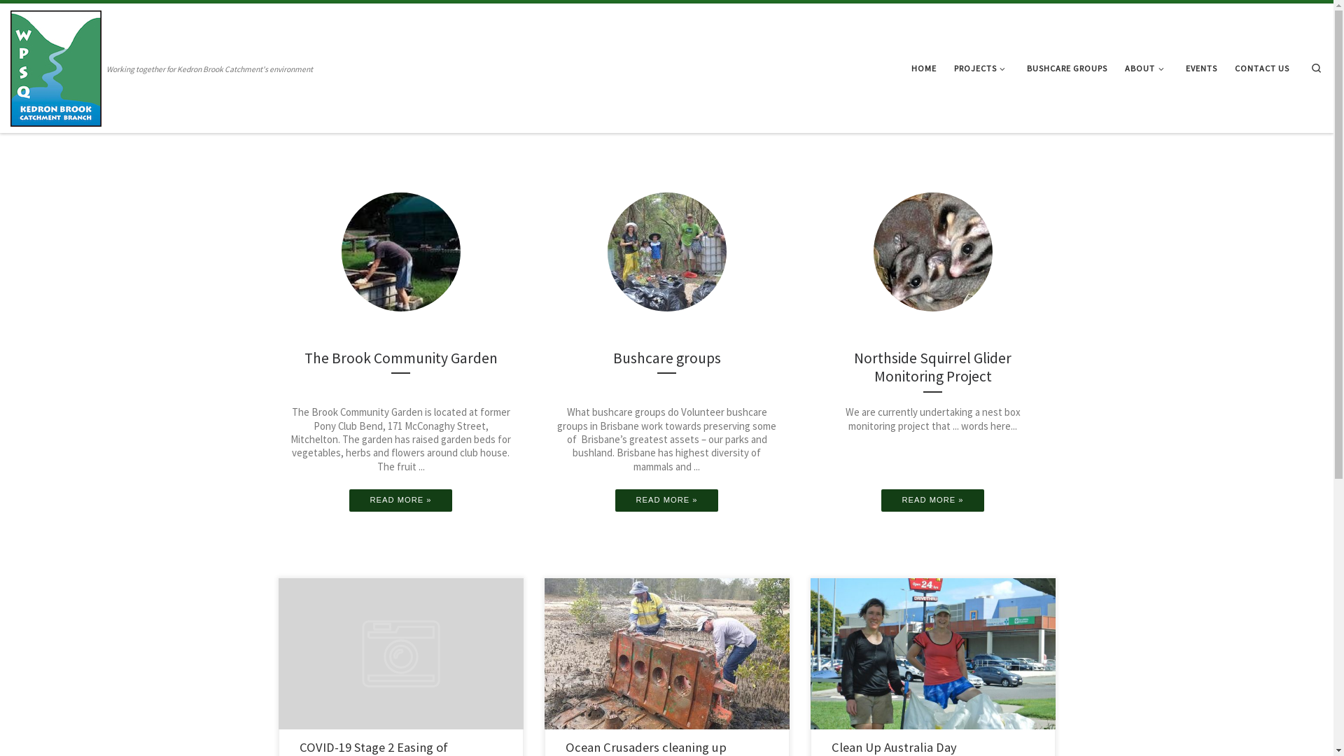 This screenshot has height=756, width=1344. What do you see at coordinates (1181, 68) in the screenshot?
I see `'EVENTS'` at bounding box center [1181, 68].